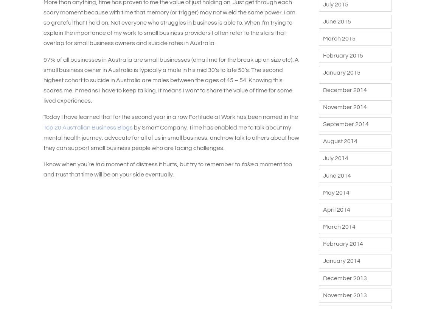 The width and height of the screenshot is (435, 309). I want to click on 'a moment too and trust that time will be on your side eventually.', so click(168, 169).